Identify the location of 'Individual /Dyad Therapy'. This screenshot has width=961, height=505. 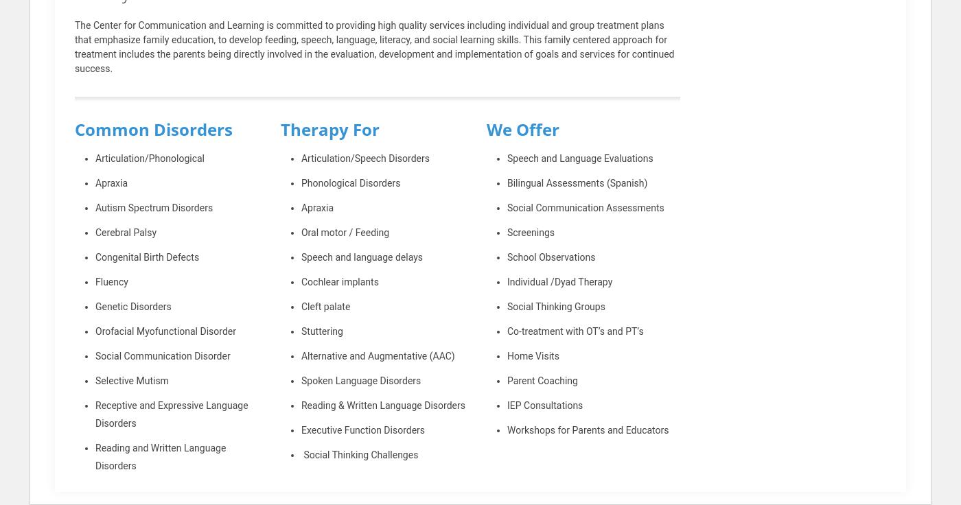
(506, 281).